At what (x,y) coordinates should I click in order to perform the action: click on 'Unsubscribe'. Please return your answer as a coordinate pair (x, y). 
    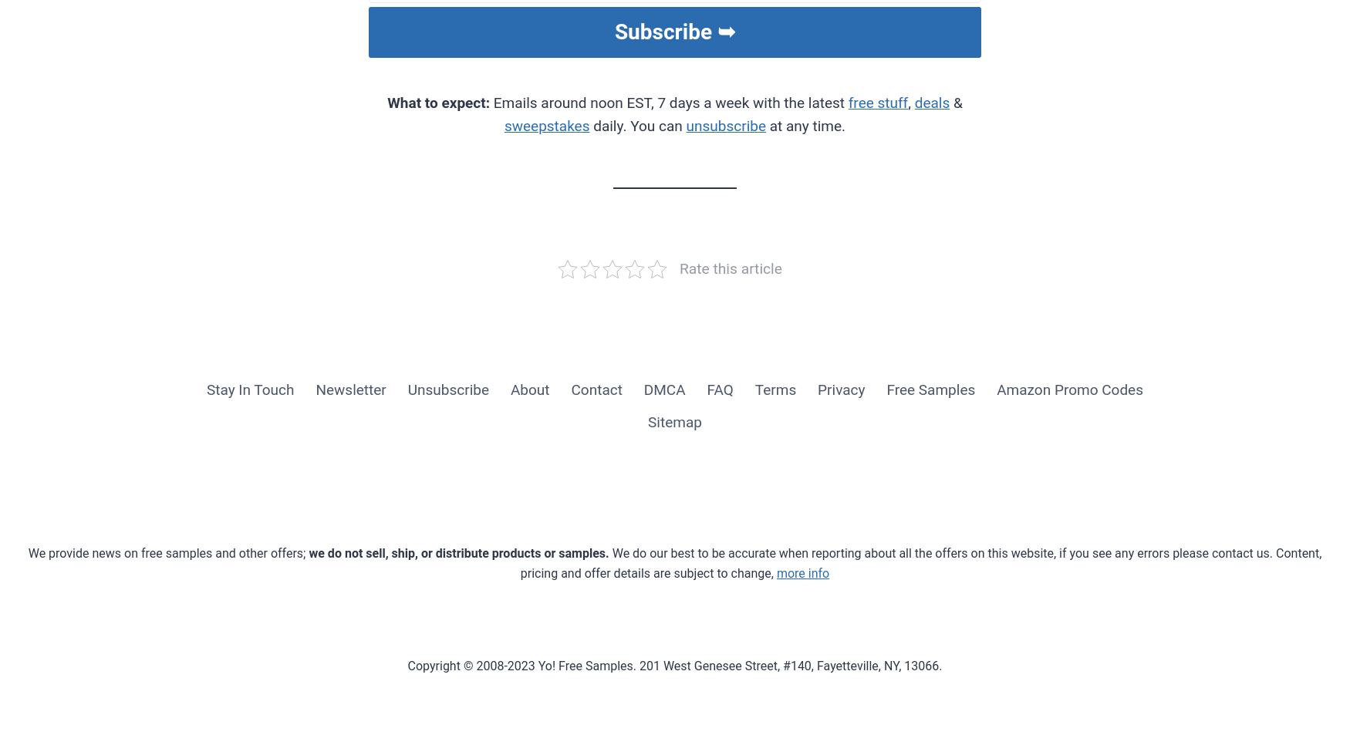
    Looking at the image, I should click on (448, 389).